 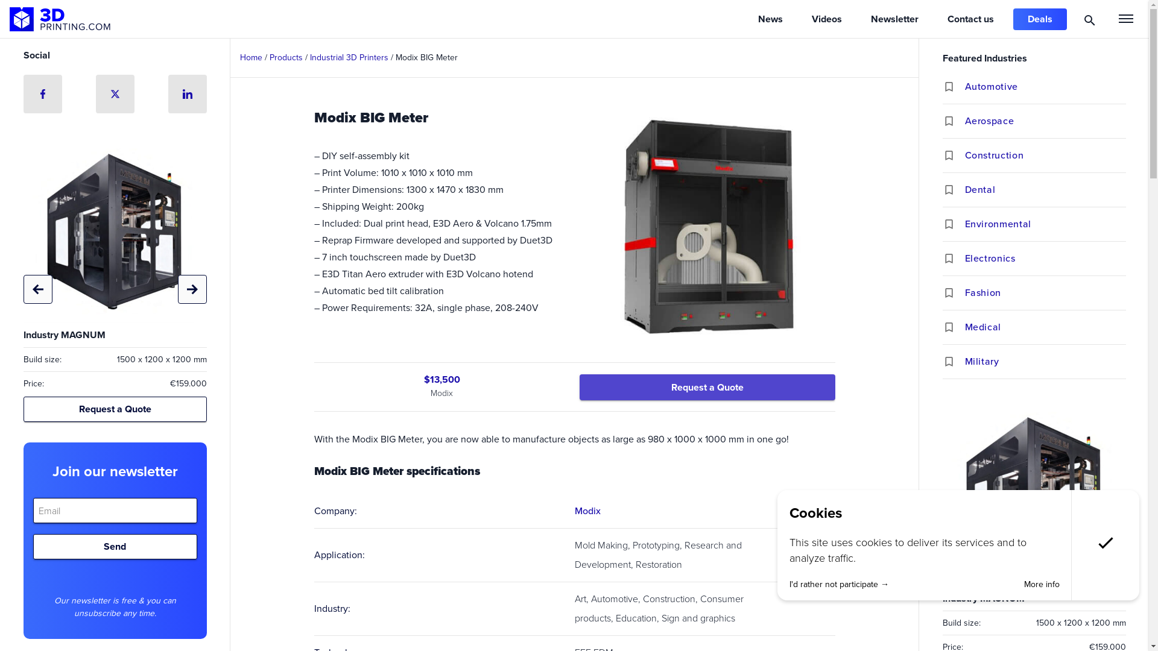 I want to click on 'Products', so click(x=285, y=57).